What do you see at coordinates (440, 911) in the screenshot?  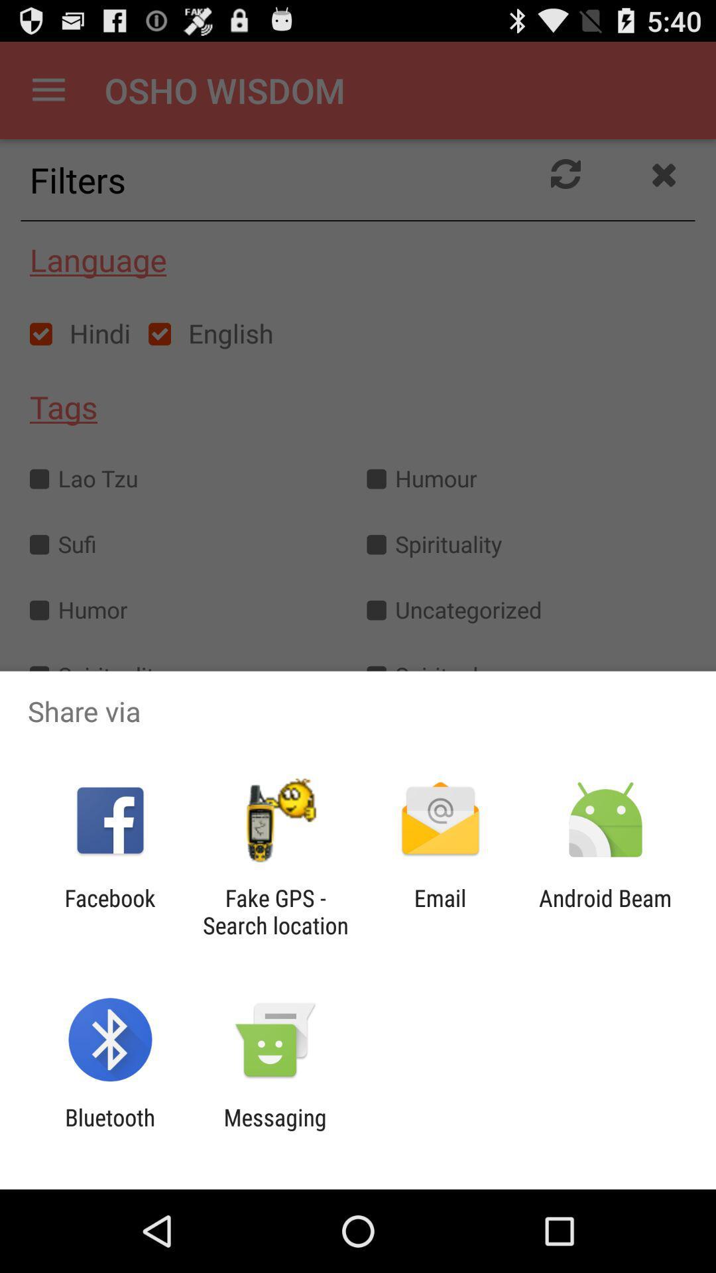 I see `the email` at bounding box center [440, 911].